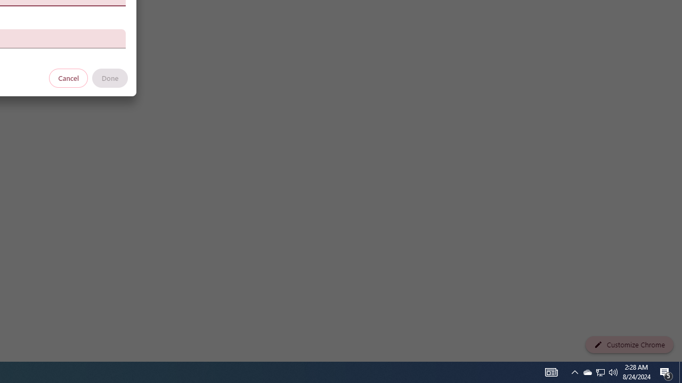  I want to click on 'Cancel', so click(68, 77).